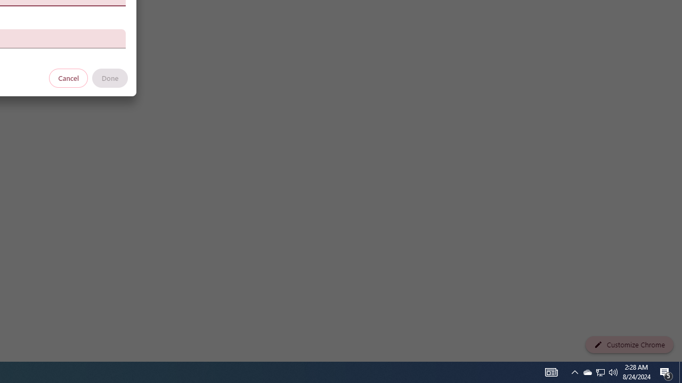  I want to click on 'Cancel', so click(68, 77).